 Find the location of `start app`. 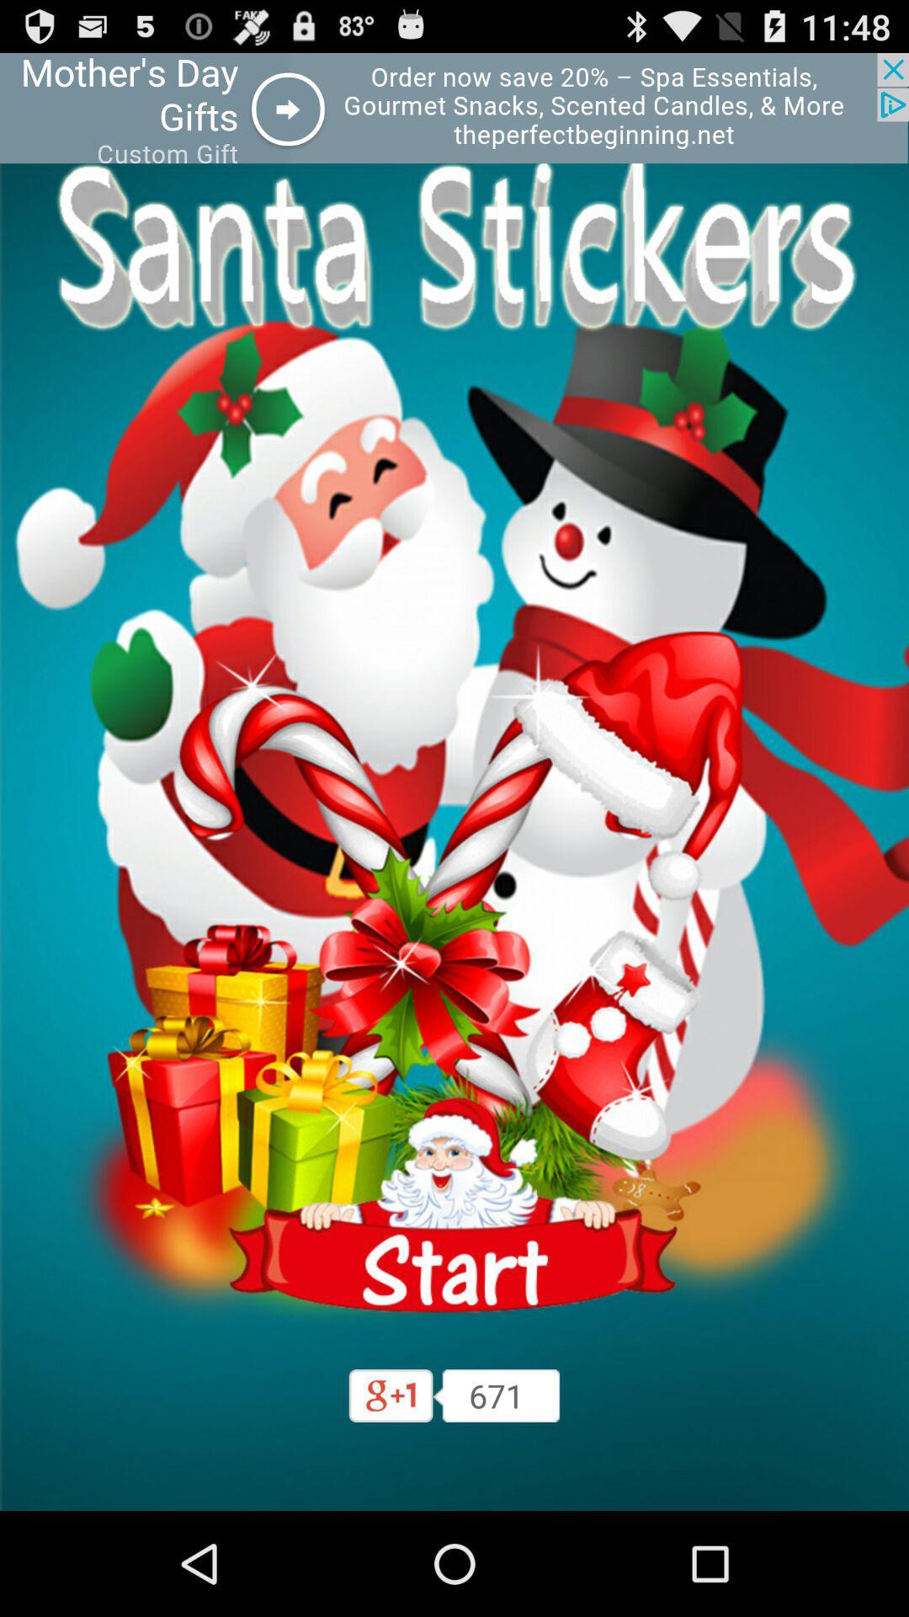

start app is located at coordinates (454, 1204).